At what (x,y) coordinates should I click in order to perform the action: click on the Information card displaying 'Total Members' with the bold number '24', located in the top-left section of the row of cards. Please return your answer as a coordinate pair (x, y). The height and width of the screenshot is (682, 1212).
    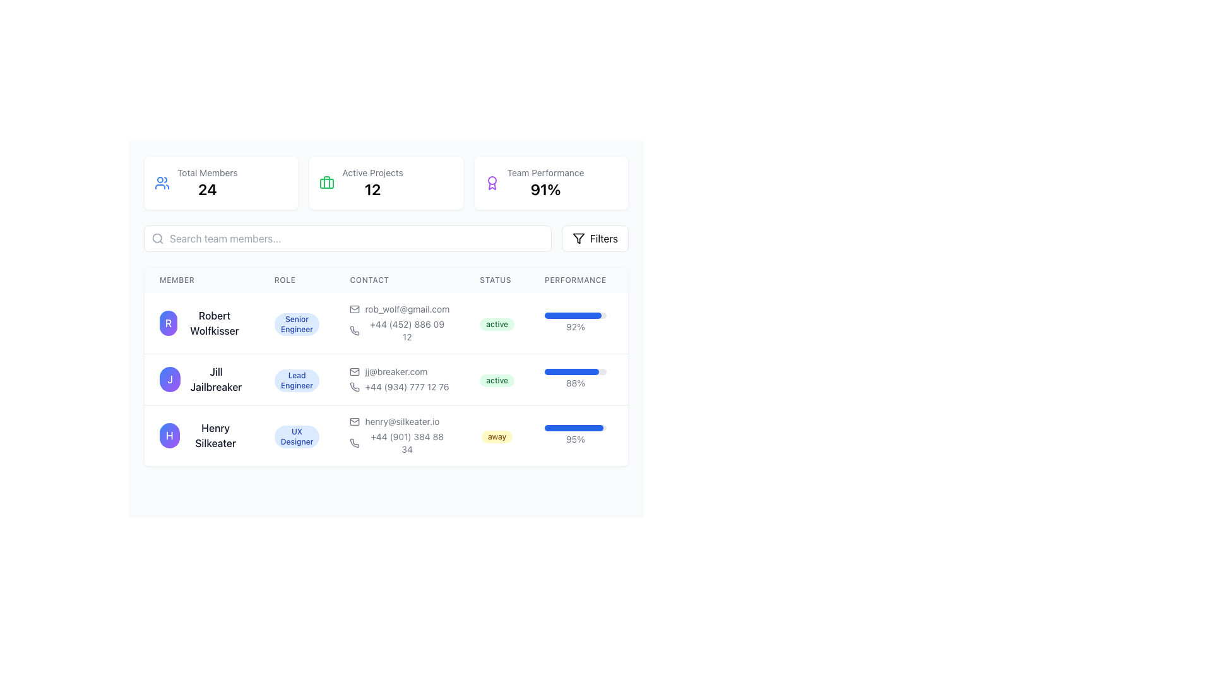
    Looking at the image, I should click on (221, 182).